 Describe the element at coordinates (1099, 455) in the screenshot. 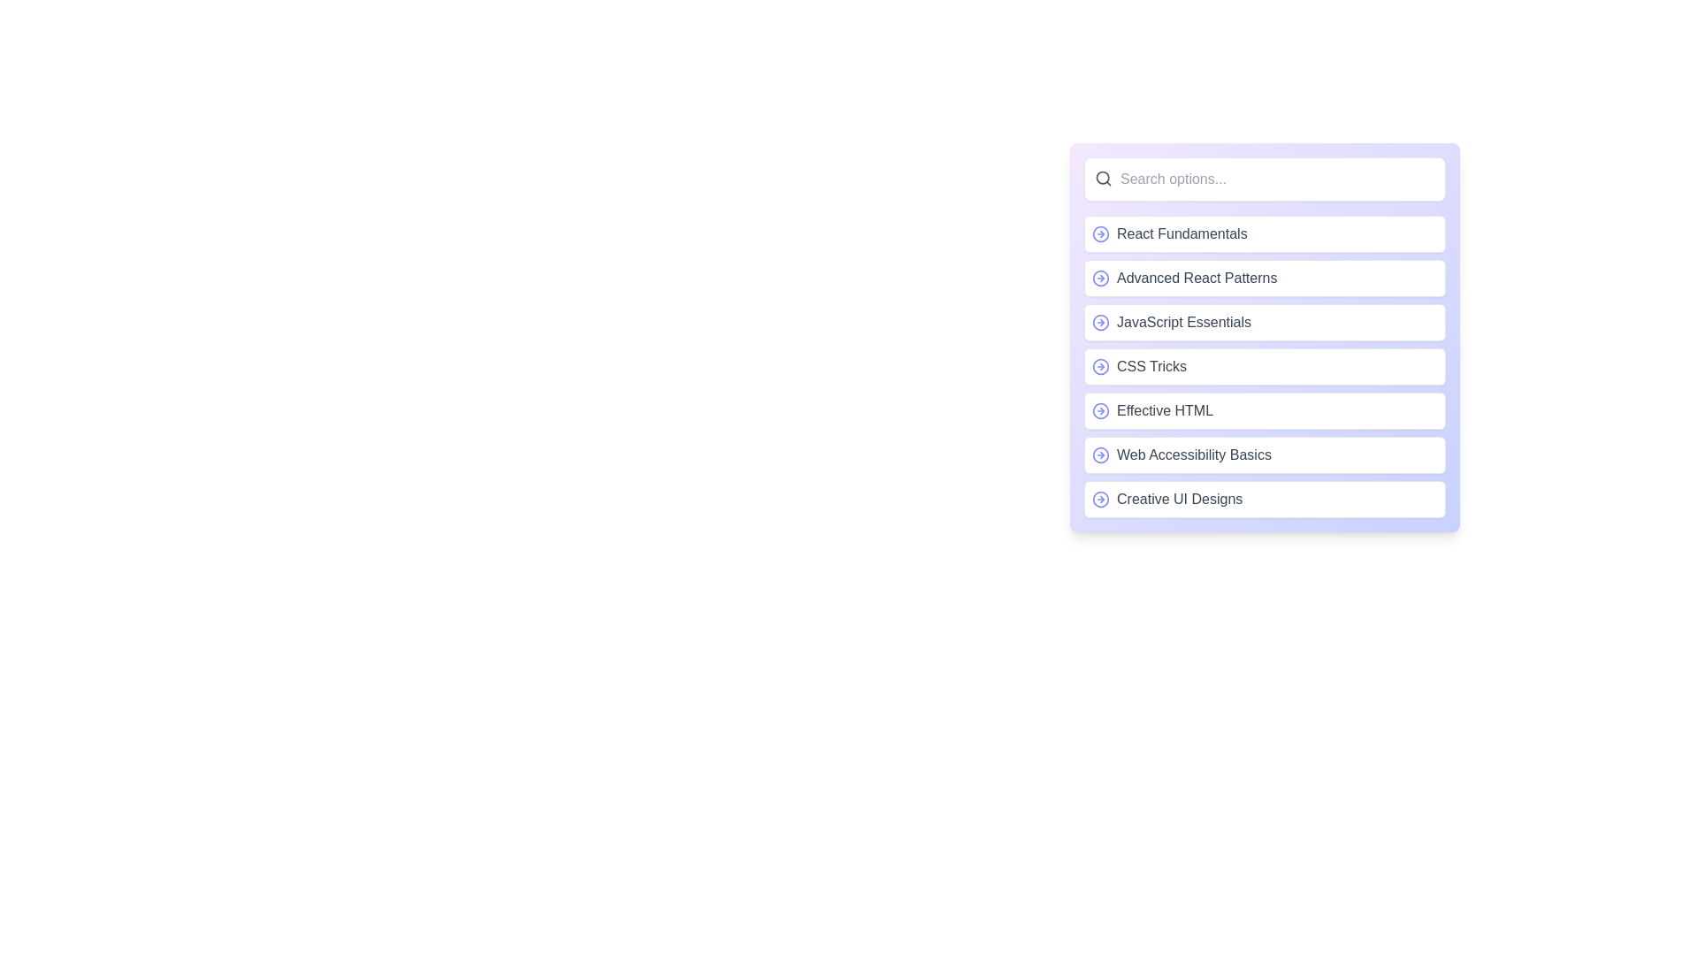

I see `the SVG-based icon element located on the left side of the 'Web Accessibility Basics' menu item, which indicates navigation to the right` at that location.